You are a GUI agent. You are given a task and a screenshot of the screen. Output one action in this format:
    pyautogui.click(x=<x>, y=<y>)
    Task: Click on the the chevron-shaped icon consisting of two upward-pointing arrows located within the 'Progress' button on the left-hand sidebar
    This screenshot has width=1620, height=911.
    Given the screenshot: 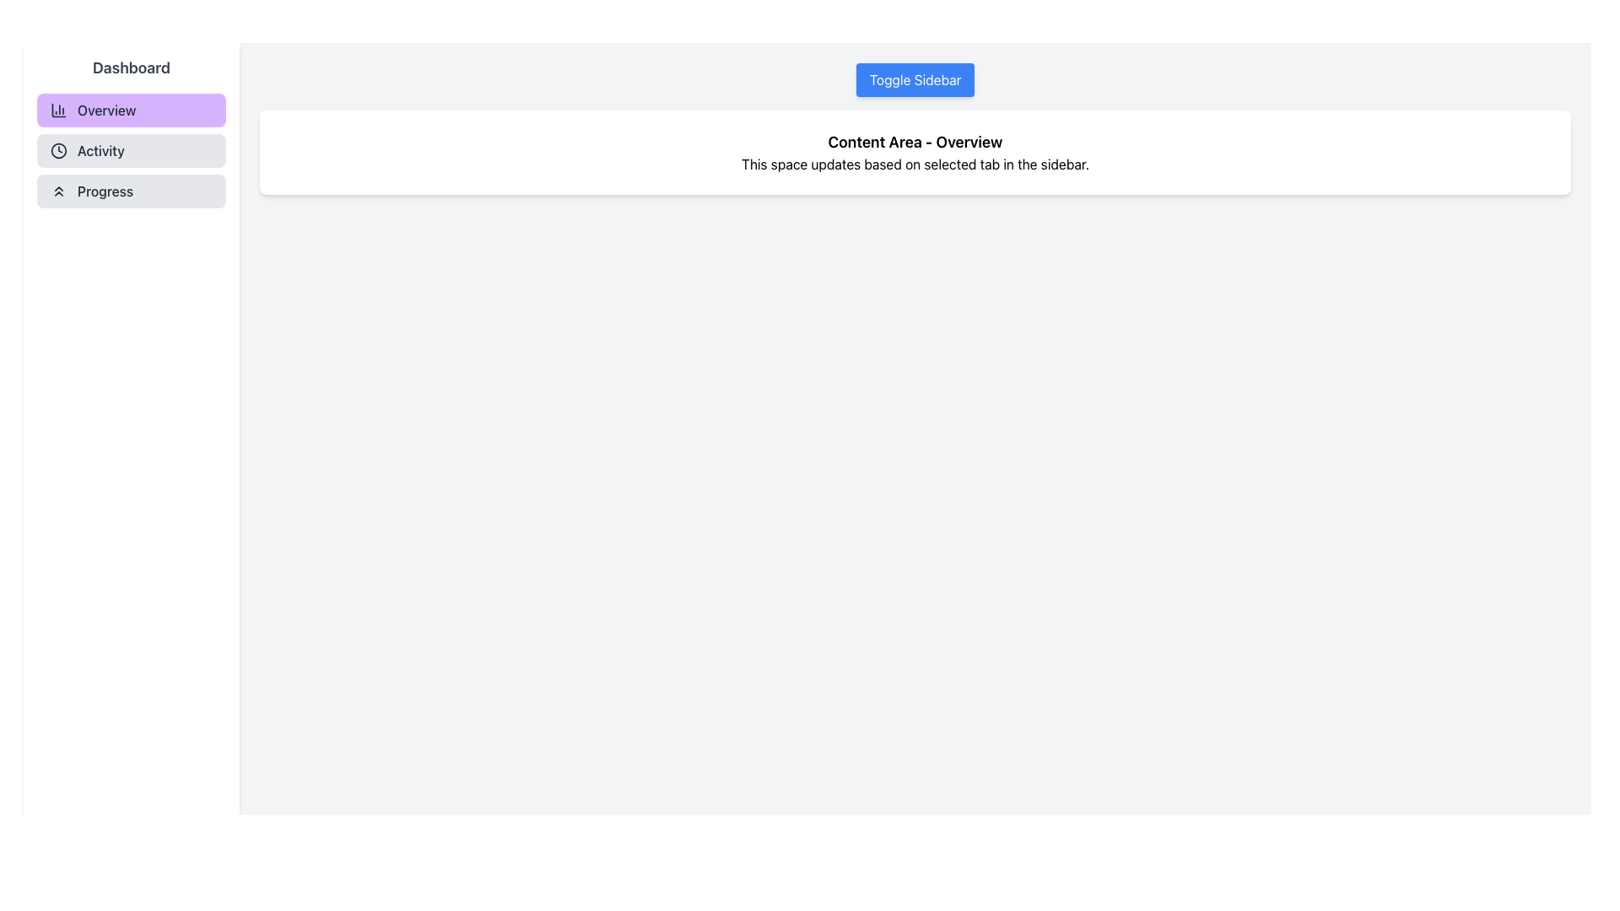 What is the action you would take?
    pyautogui.click(x=59, y=191)
    